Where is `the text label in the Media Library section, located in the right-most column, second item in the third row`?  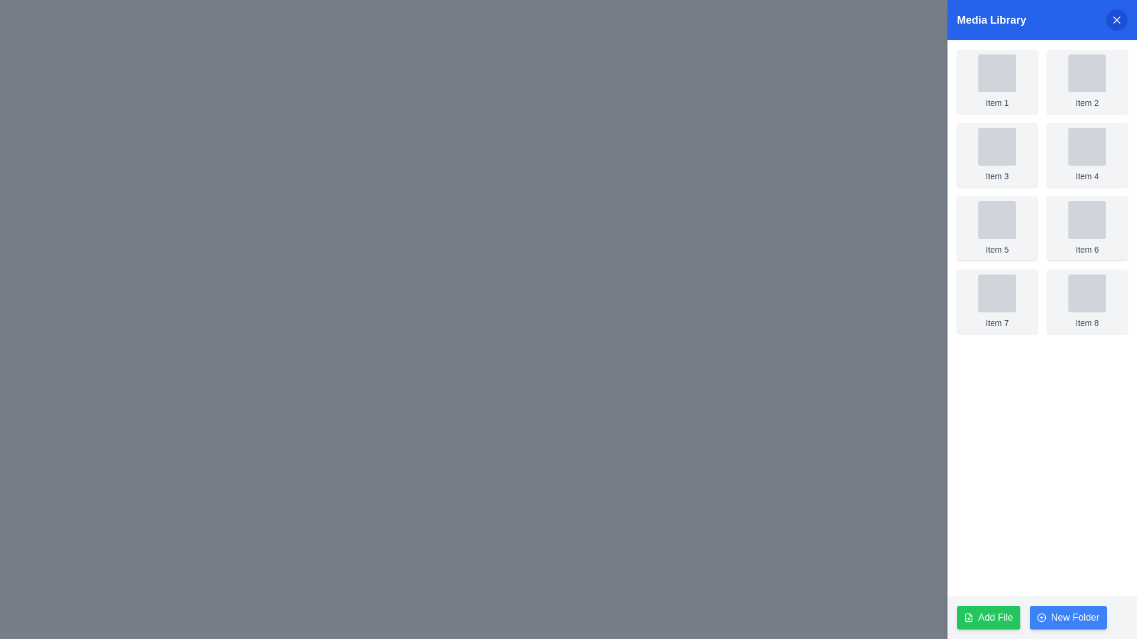
the text label in the Media Library section, located in the right-most column, second item in the third row is located at coordinates (1087, 323).